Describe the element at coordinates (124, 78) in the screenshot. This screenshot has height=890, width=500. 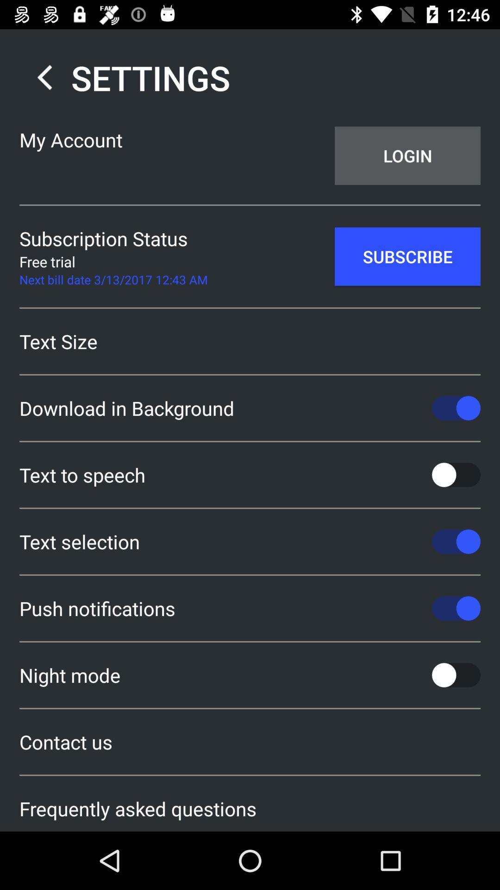
I see `the settings` at that location.